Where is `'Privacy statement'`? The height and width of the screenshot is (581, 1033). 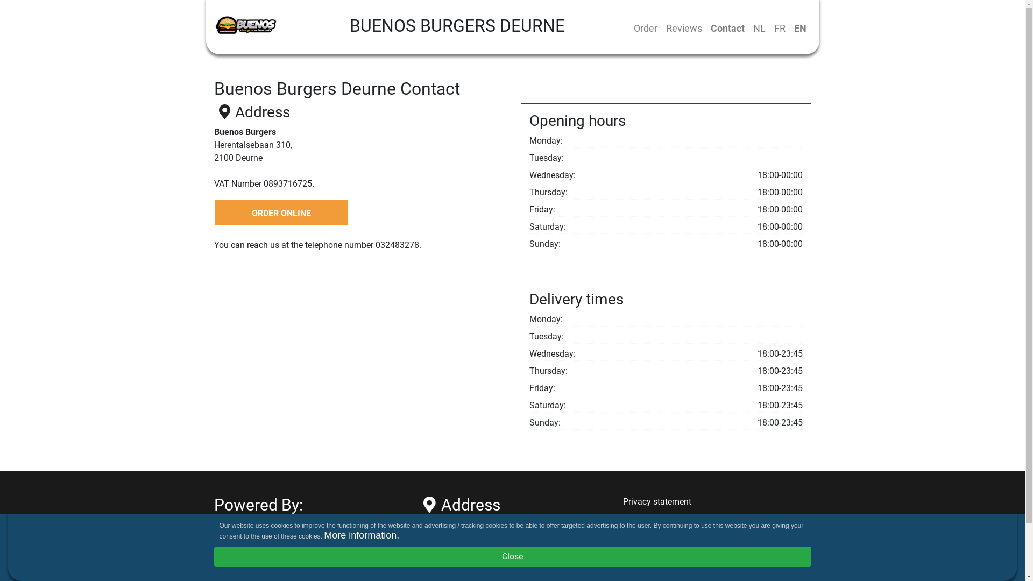
'Privacy statement' is located at coordinates (656, 501).